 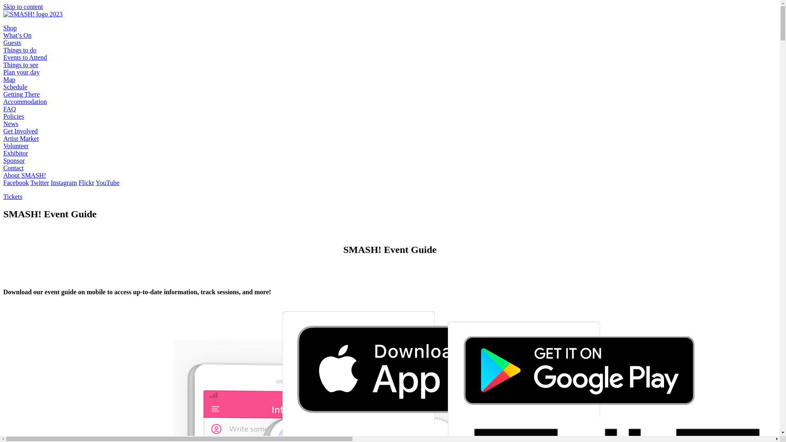 I want to click on 'Skip to content', so click(x=23, y=7).